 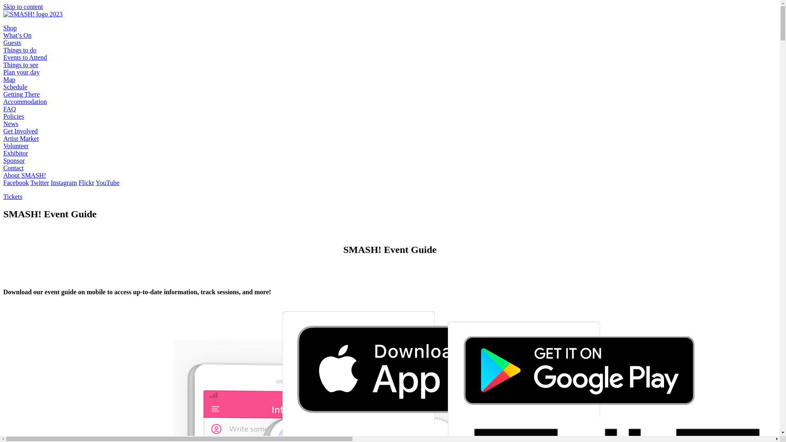 I want to click on 'Skip to content', so click(x=23, y=7).